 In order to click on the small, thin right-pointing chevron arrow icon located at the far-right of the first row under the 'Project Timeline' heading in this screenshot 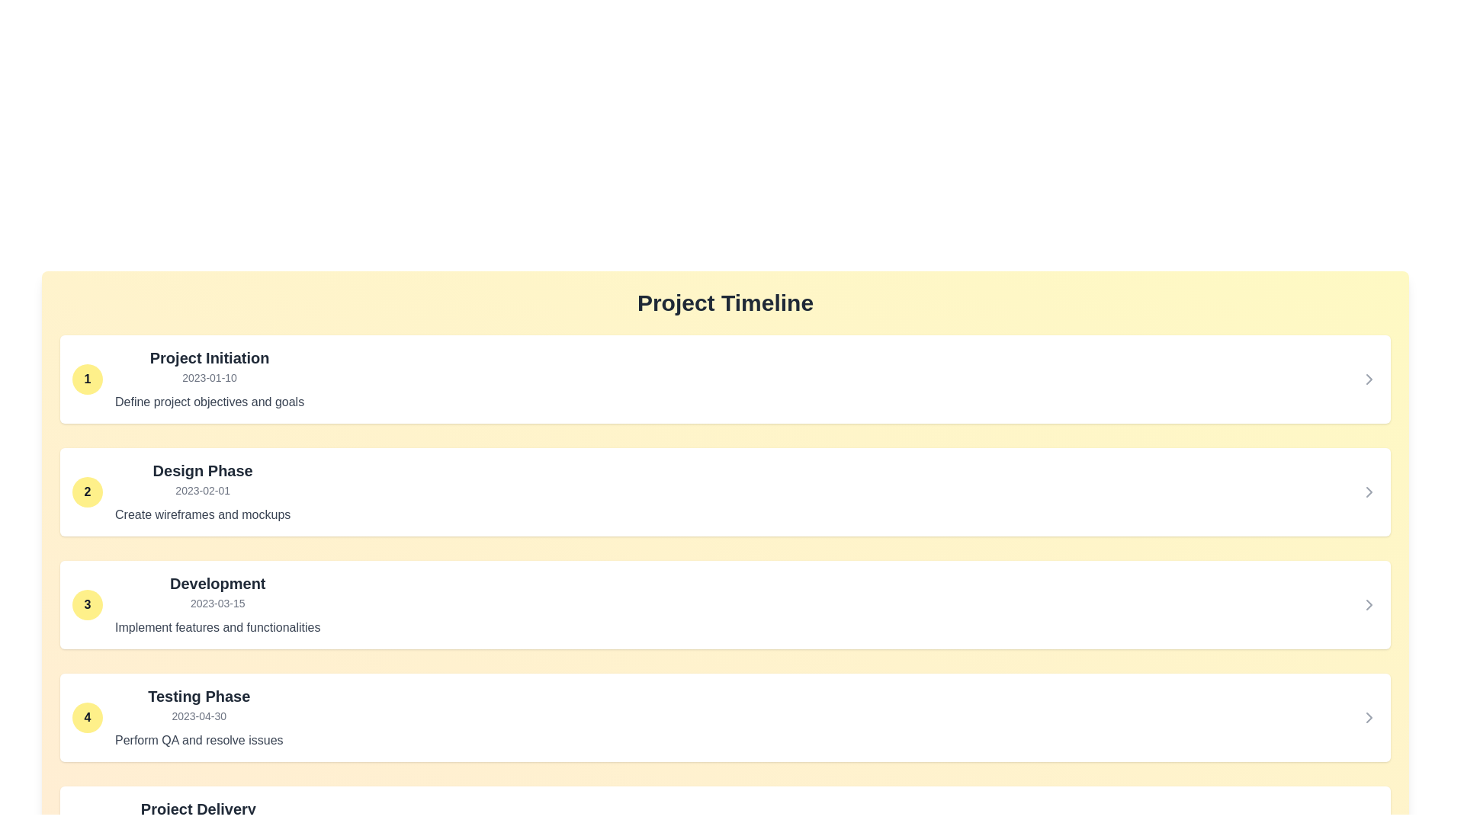, I will do `click(1369, 378)`.